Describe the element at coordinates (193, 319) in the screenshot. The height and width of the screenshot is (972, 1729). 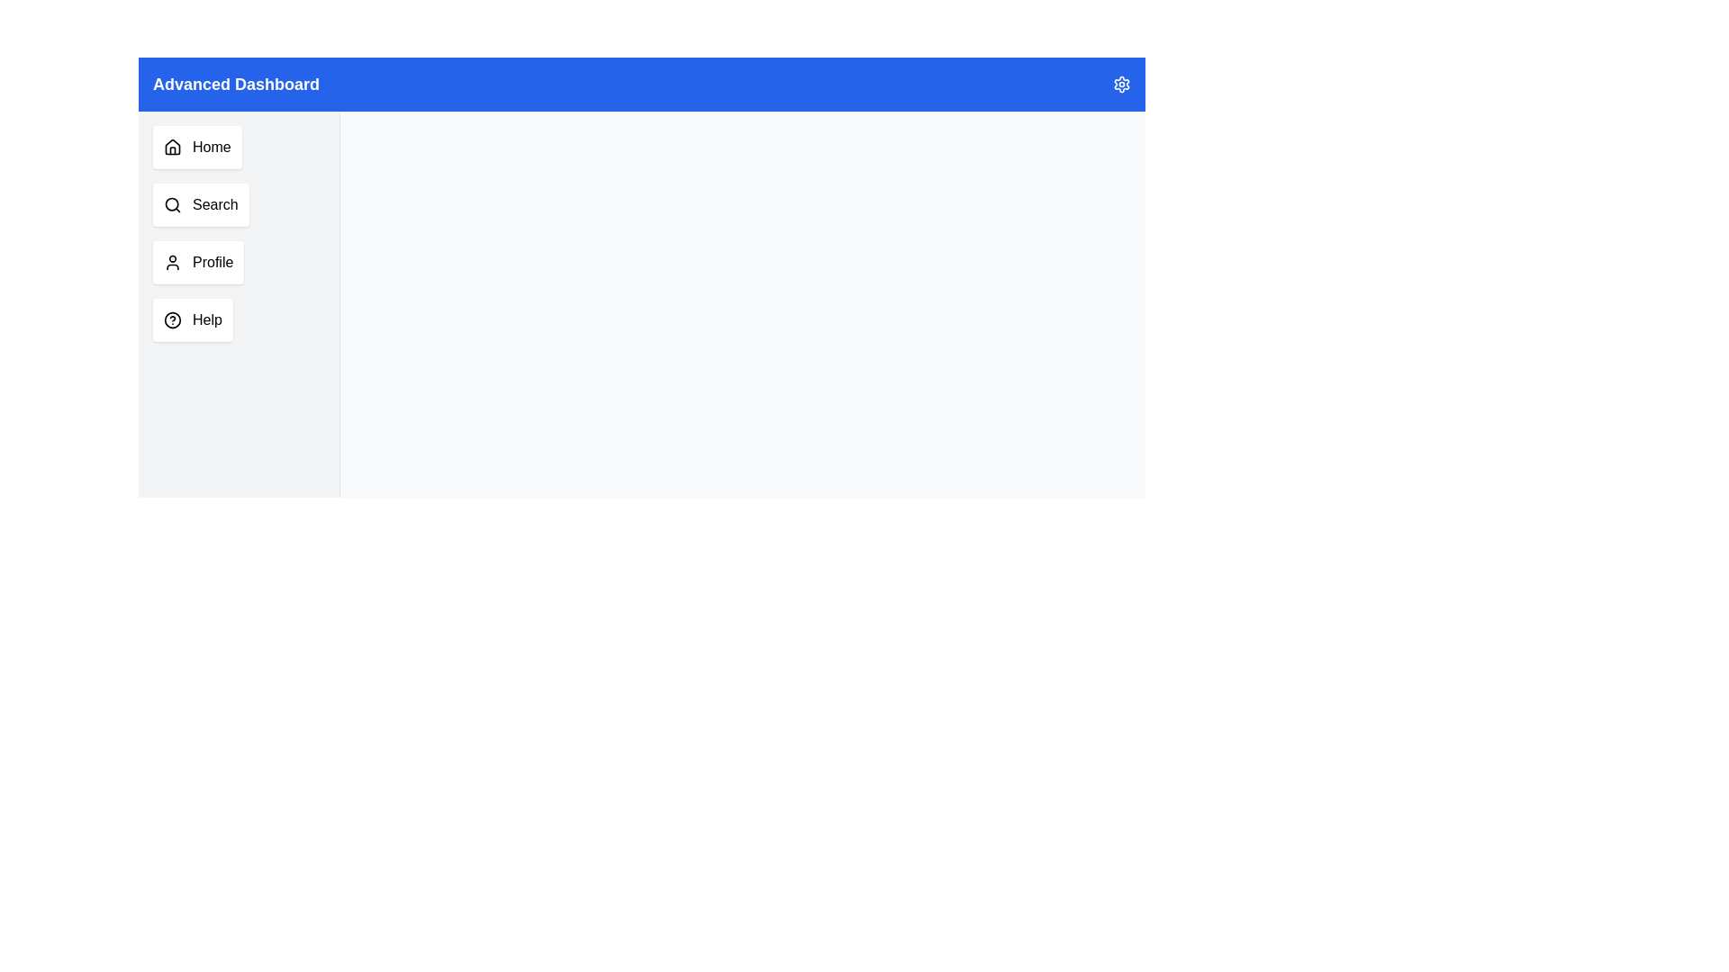
I see `the 'Help' button located` at that location.